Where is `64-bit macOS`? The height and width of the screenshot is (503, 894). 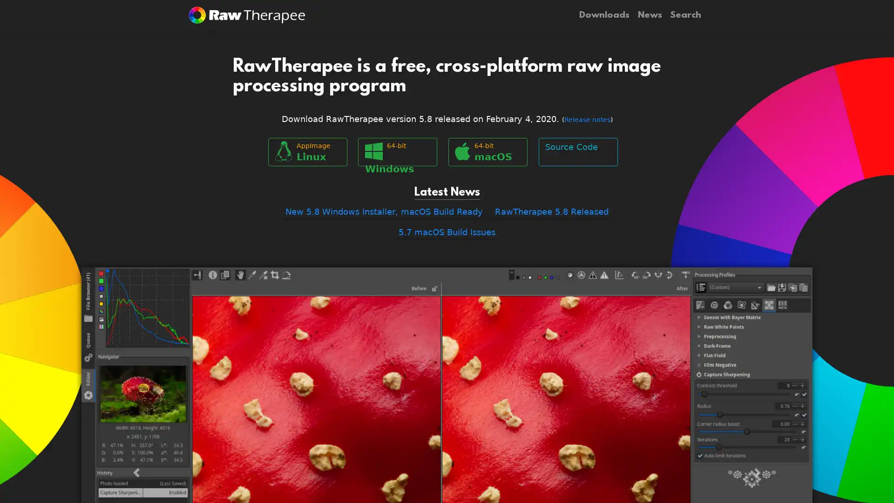 64-bit macOS is located at coordinates (487, 151).